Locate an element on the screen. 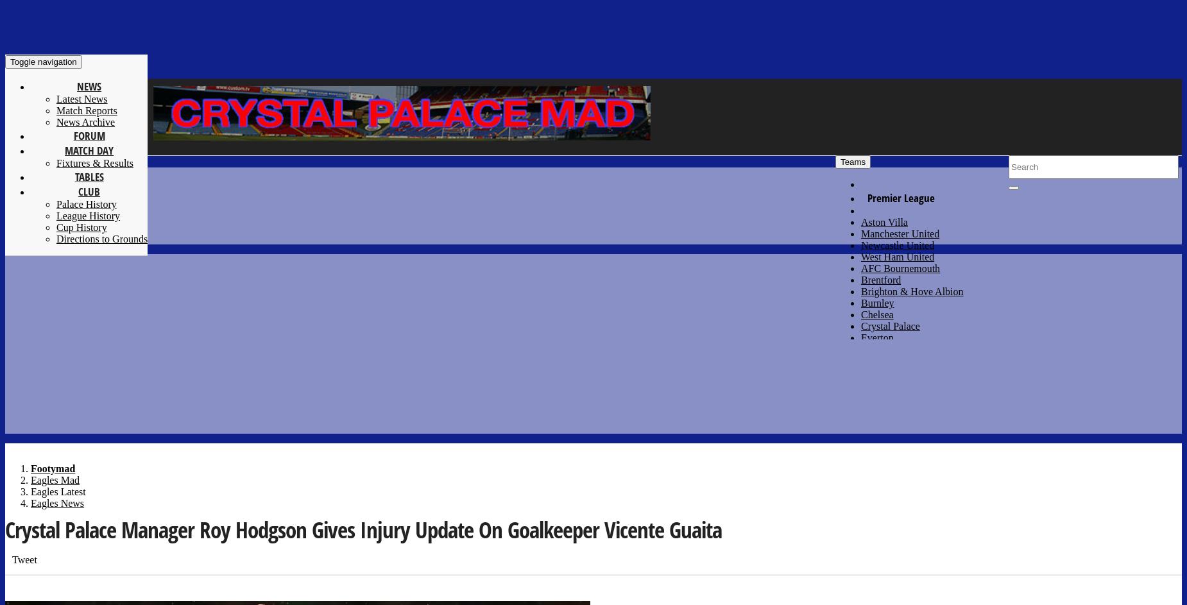 This screenshot has width=1187, height=605. 'News Archive' is located at coordinates (85, 121).